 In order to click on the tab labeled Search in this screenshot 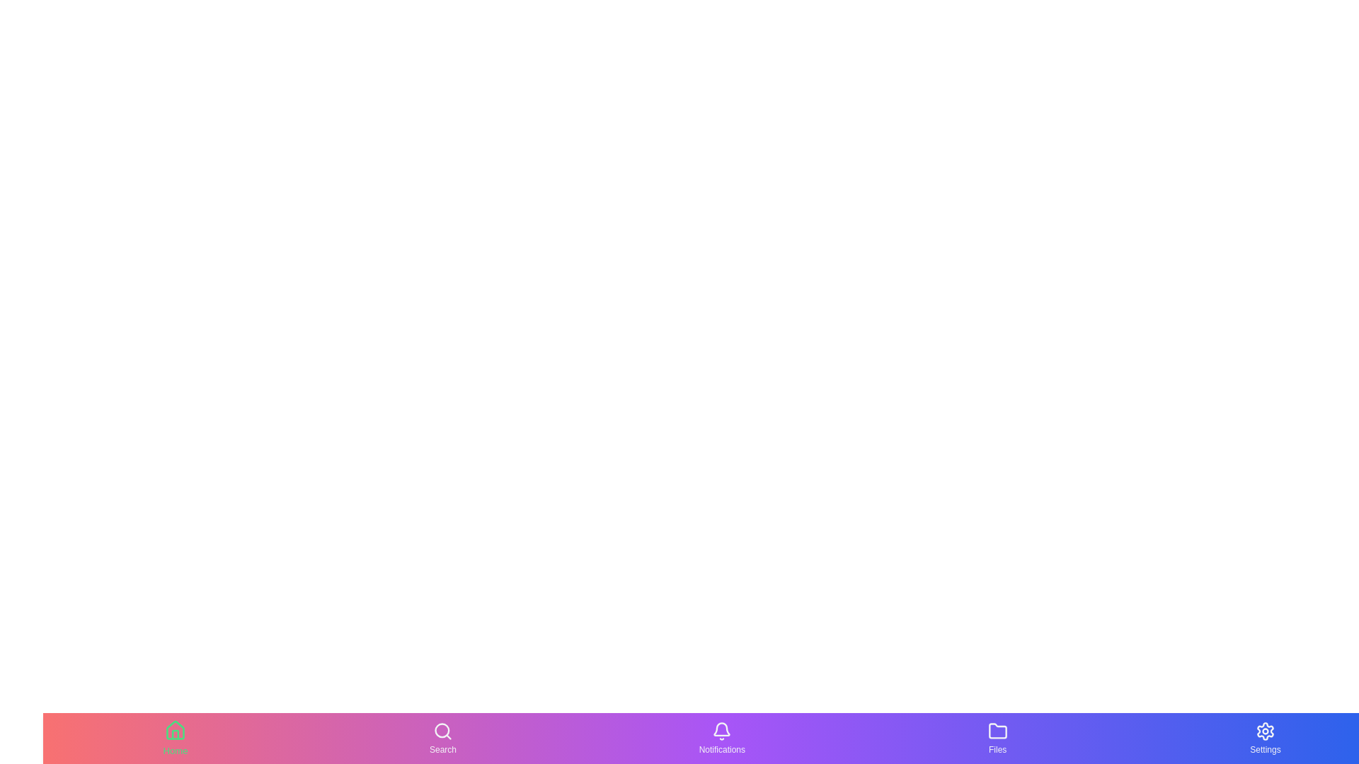, I will do `click(441, 738)`.